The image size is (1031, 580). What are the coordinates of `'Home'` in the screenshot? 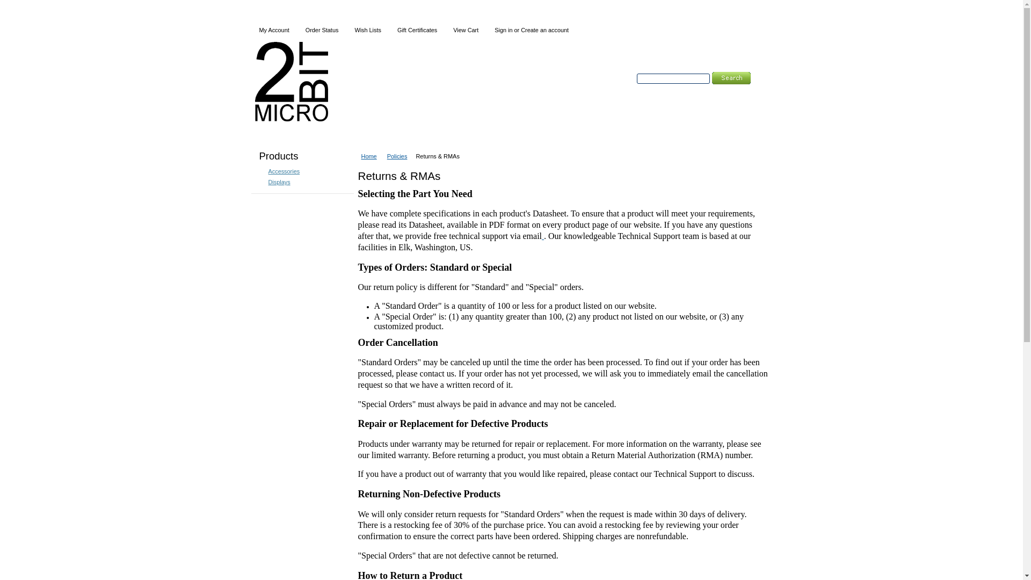 It's located at (371, 156).